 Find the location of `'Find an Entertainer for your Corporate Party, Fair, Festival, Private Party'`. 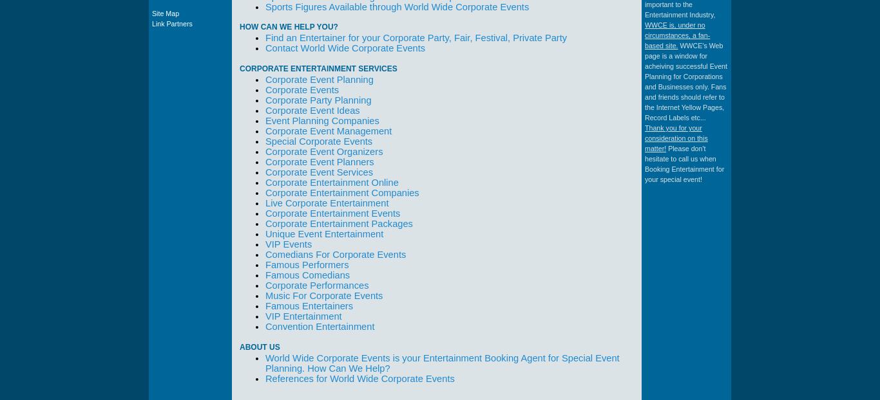

'Find an Entertainer for your Corporate Party, Fair, Festival, Private Party' is located at coordinates (415, 38).